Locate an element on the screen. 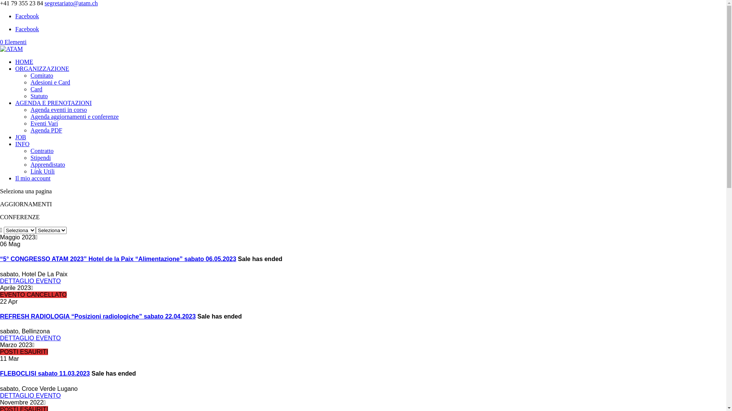 The image size is (732, 411). '0 Elementi' is located at coordinates (13, 42).